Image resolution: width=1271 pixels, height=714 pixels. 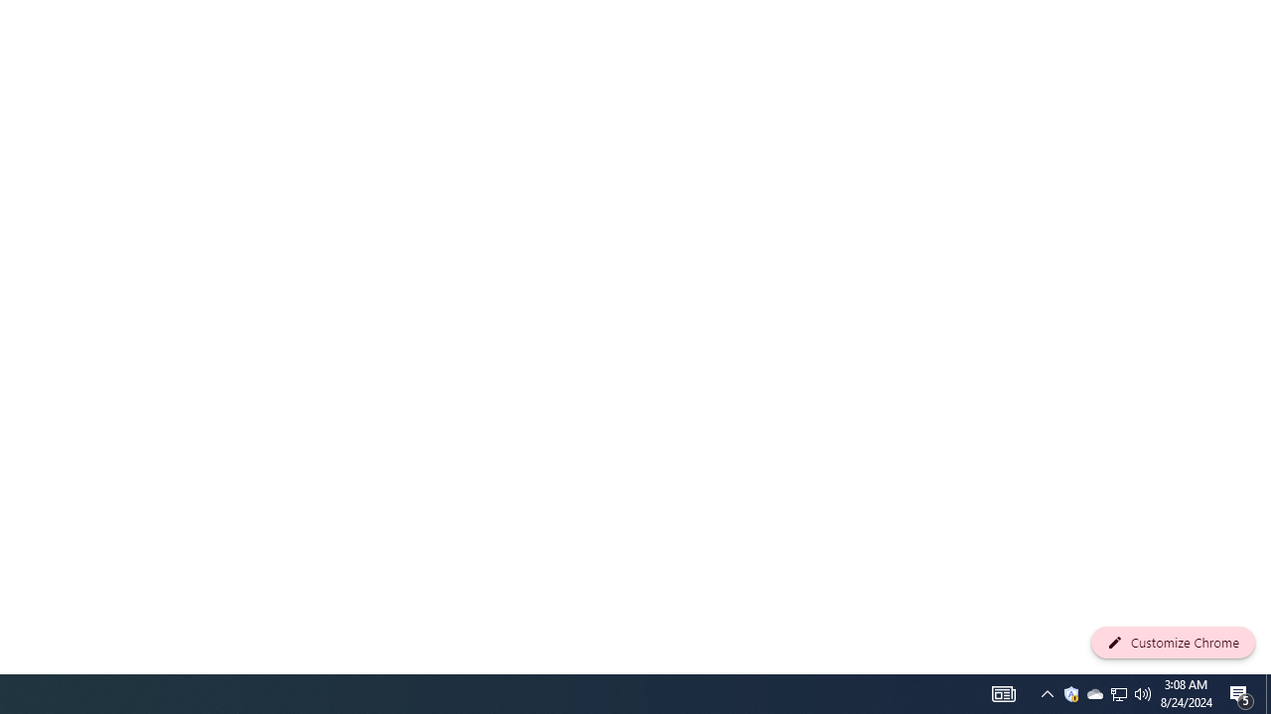 I want to click on 'Customize Chrome', so click(x=1173, y=643).